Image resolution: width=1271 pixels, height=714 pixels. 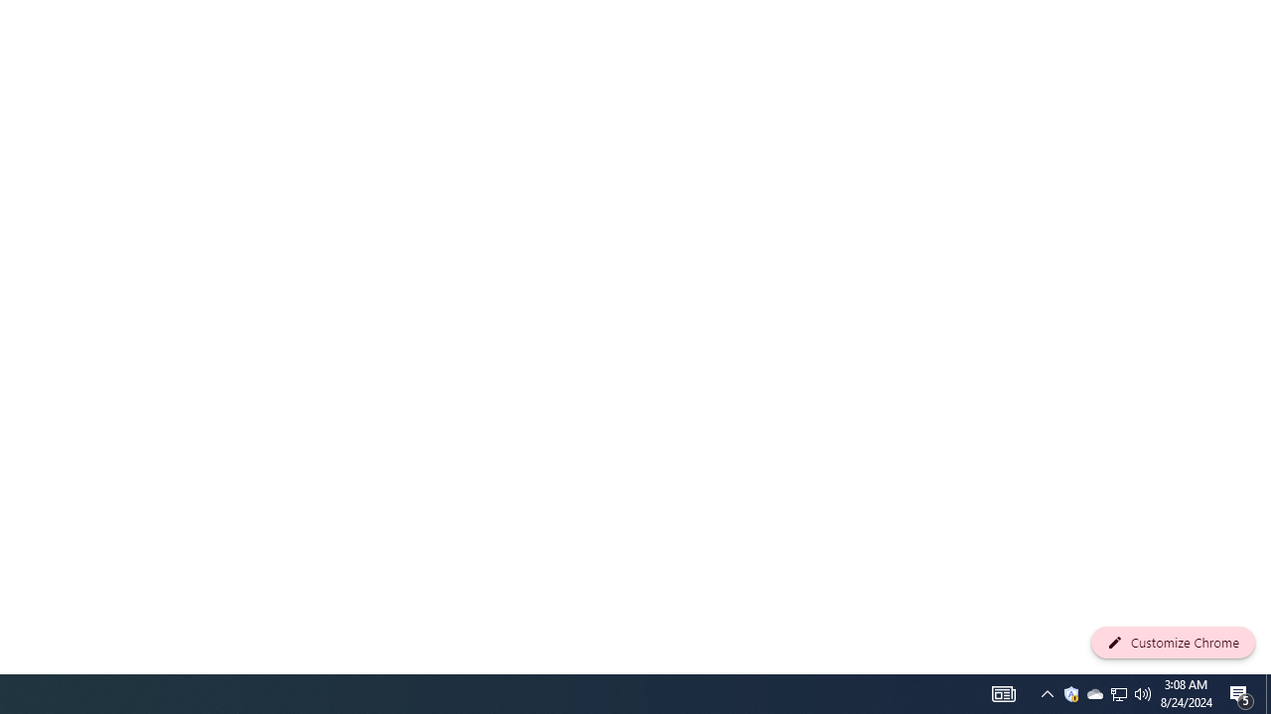 I want to click on 'Customize Chrome', so click(x=1173, y=643).